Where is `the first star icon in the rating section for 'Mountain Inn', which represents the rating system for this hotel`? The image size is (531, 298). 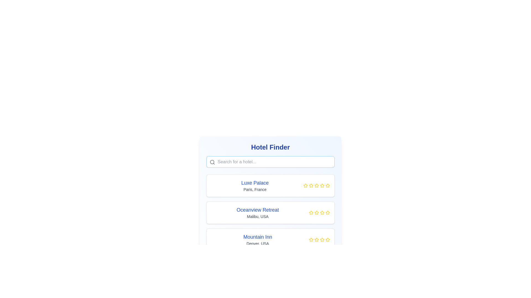 the first star icon in the rating section for 'Mountain Inn', which represents the rating system for this hotel is located at coordinates (311, 239).